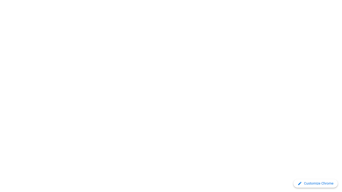  I want to click on 'Customize Chrome', so click(315, 183).